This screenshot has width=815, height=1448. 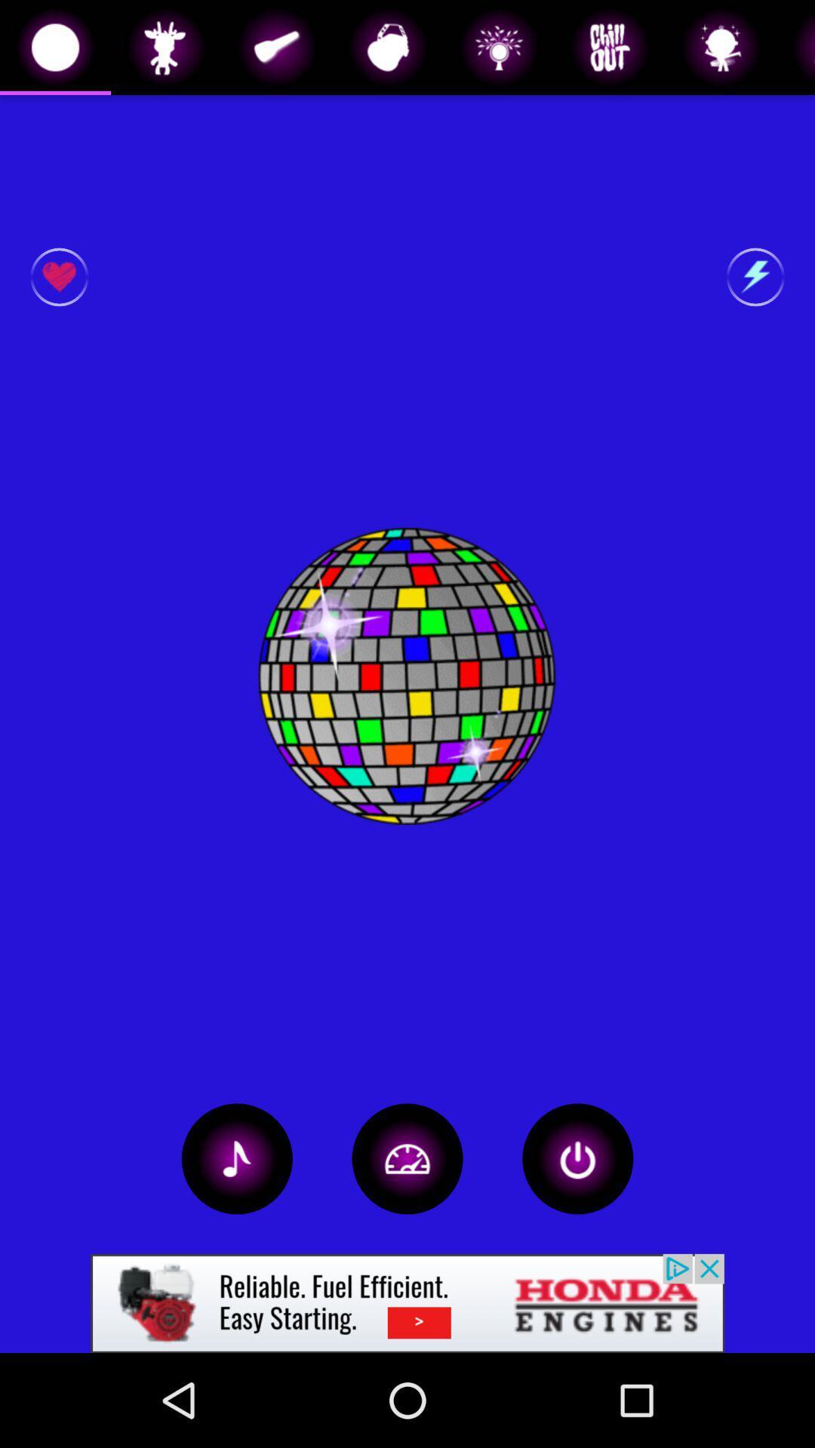 What do you see at coordinates (577, 1158) in the screenshot?
I see `power off` at bounding box center [577, 1158].